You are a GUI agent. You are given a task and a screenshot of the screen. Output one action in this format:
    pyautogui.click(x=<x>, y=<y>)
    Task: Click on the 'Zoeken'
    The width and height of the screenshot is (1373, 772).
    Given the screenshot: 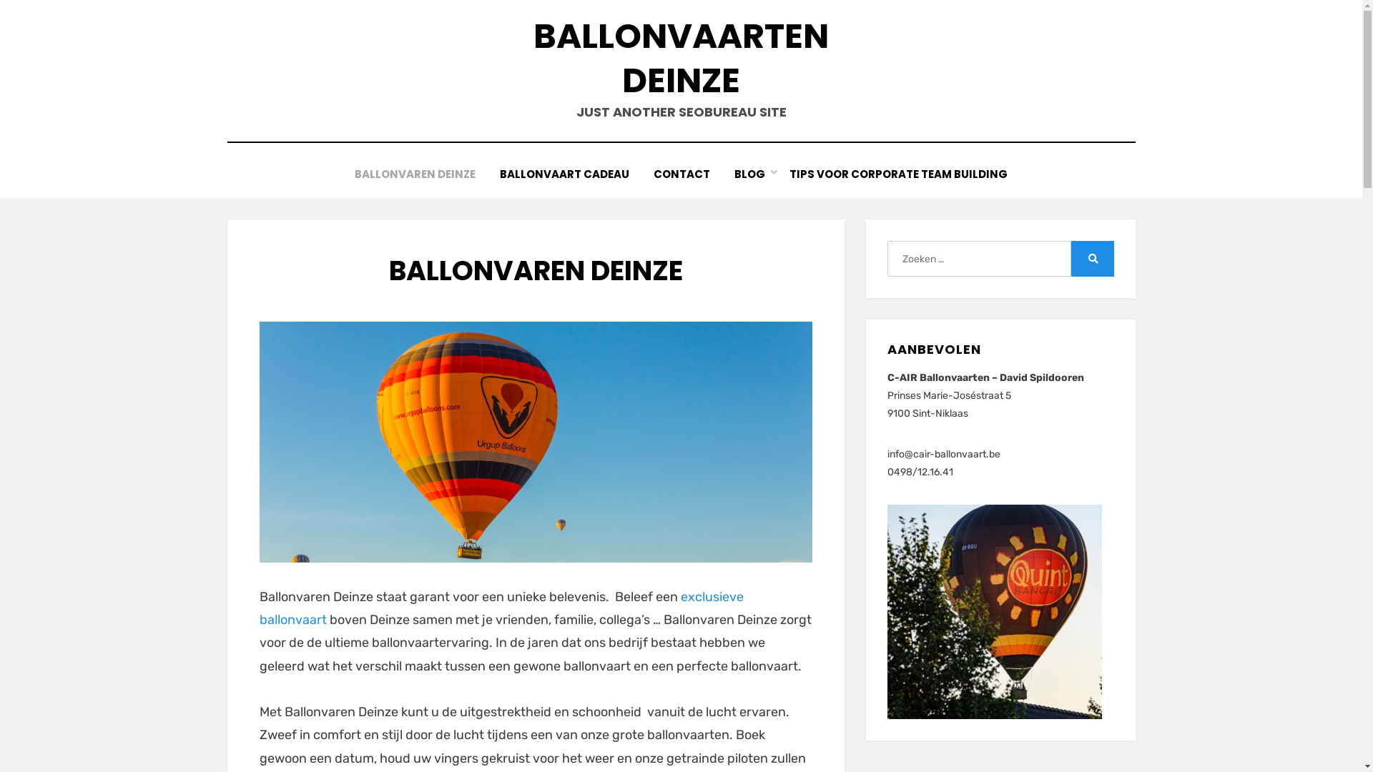 What is the action you would take?
    pyautogui.click(x=1091, y=259)
    